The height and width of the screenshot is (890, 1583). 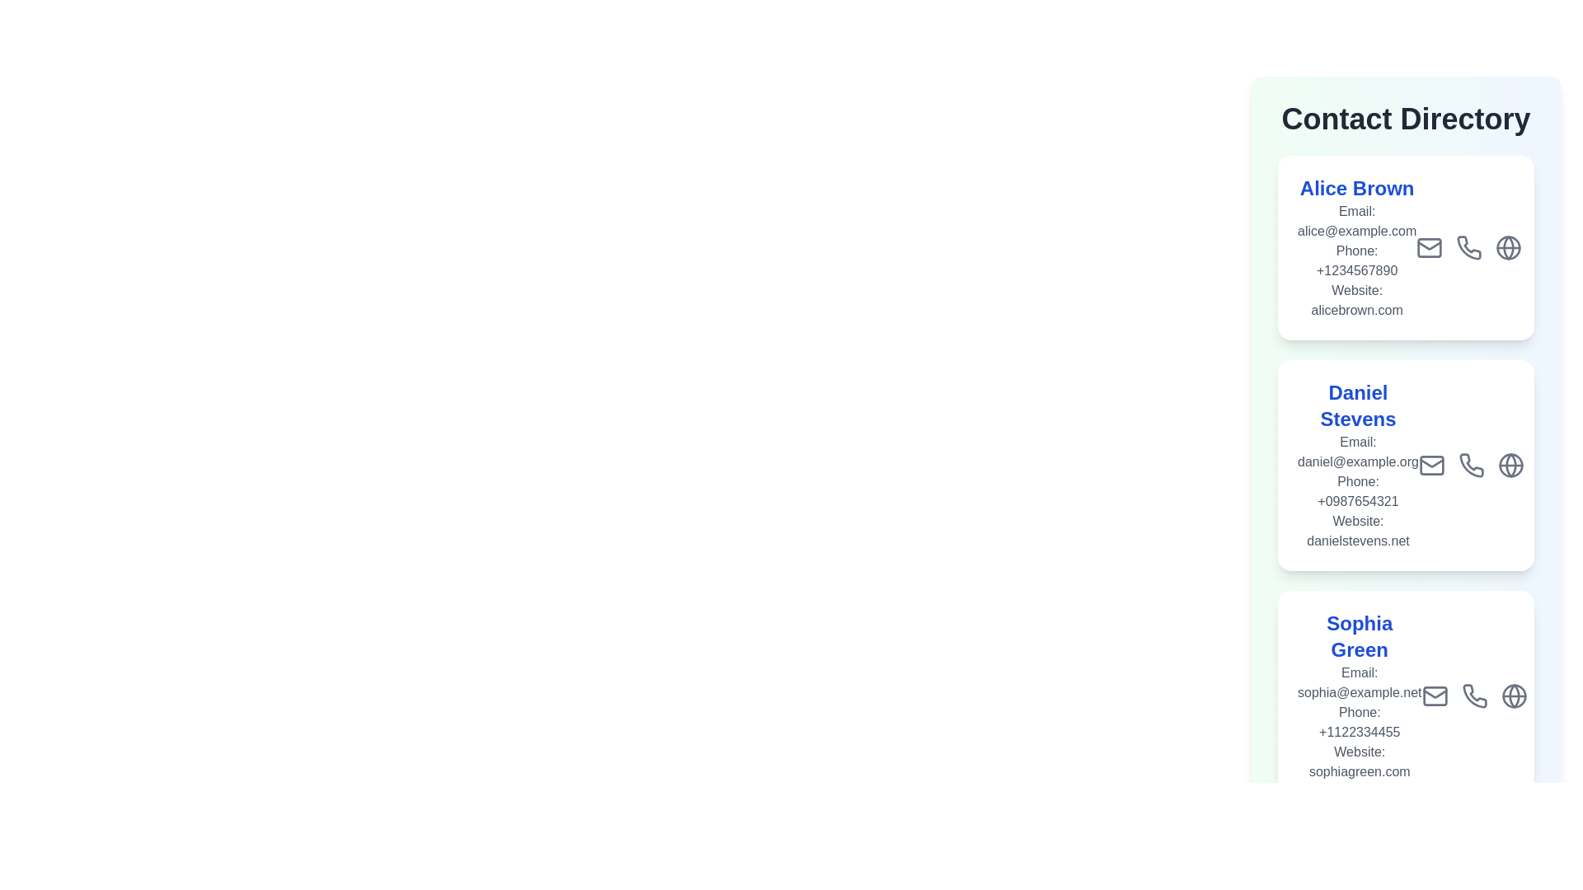 What do you see at coordinates (1405, 247) in the screenshot?
I see `the contact card of Alice Brown` at bounding box center [1405, 247].